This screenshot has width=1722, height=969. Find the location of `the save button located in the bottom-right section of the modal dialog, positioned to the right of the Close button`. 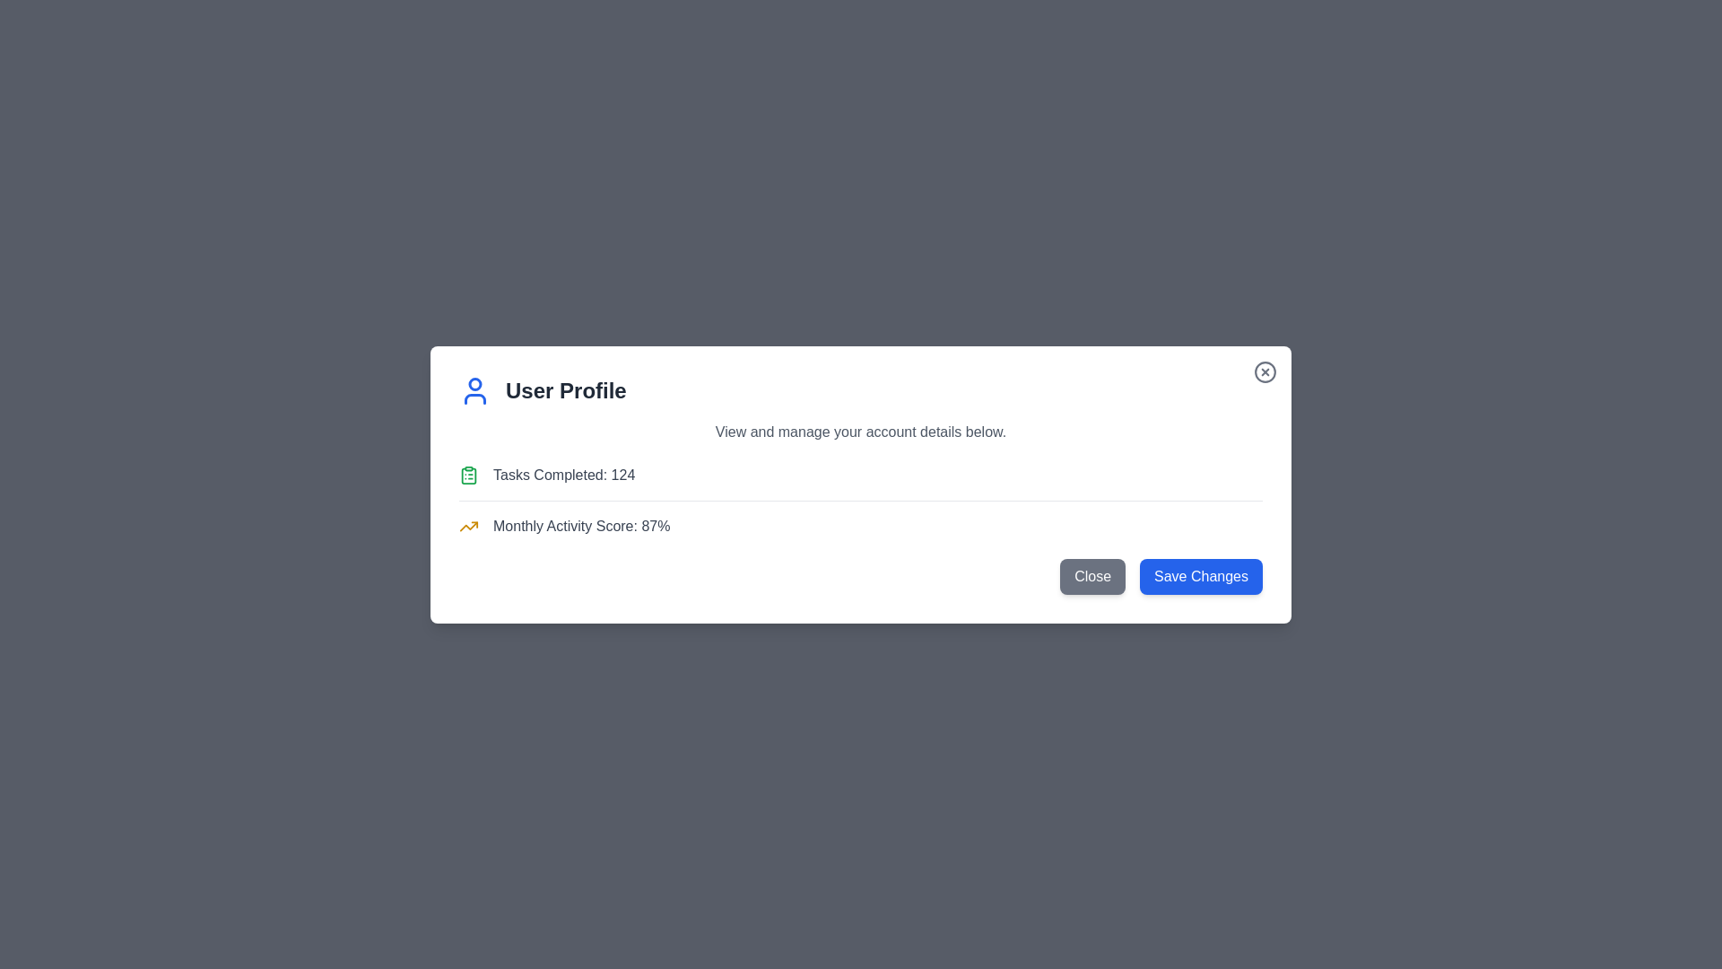

the save button located in the bottom-right section of the modal dialog, positioned to the right of the Close button is located at coordinates (1201, 576).